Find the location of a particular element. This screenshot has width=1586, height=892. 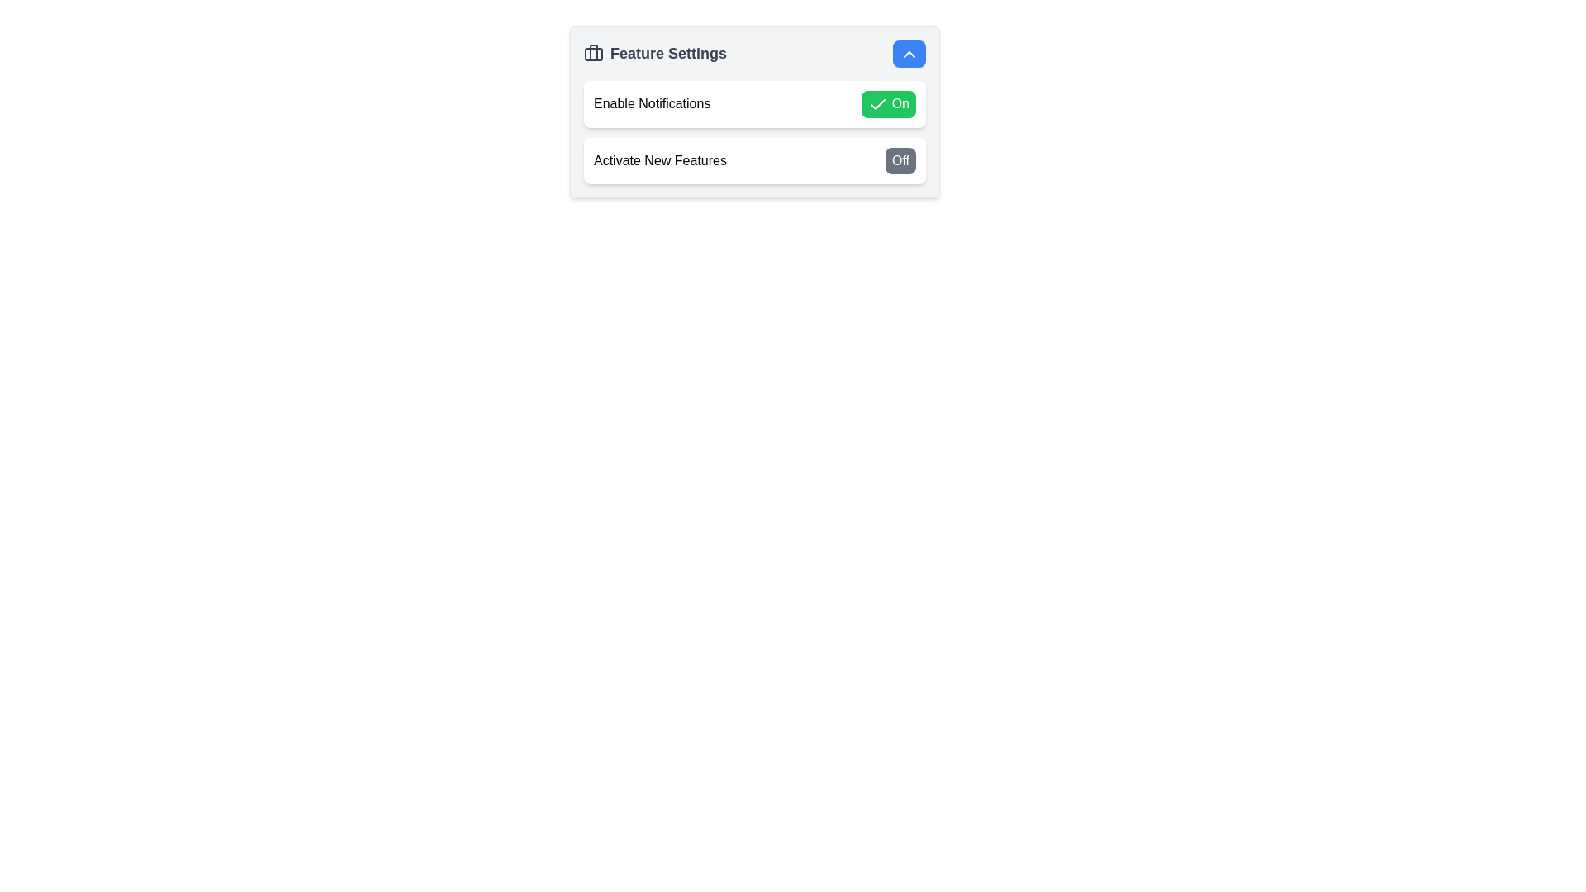

the 'Activate New Features' toggle button is located at coordinates (900, 160).